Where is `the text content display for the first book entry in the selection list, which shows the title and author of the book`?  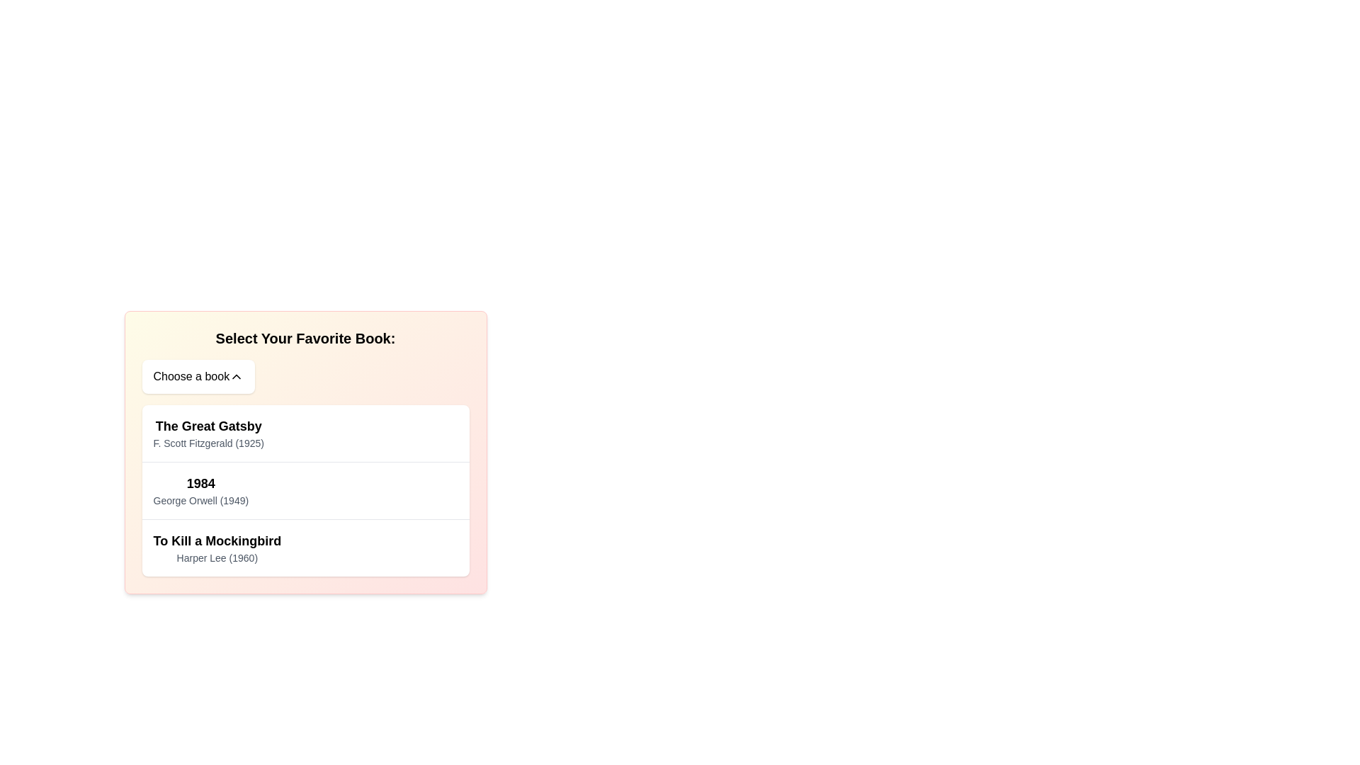
the text content display for the first book entry in the selection list, which shows the title and author of the book is located at coordinates (208, 433).